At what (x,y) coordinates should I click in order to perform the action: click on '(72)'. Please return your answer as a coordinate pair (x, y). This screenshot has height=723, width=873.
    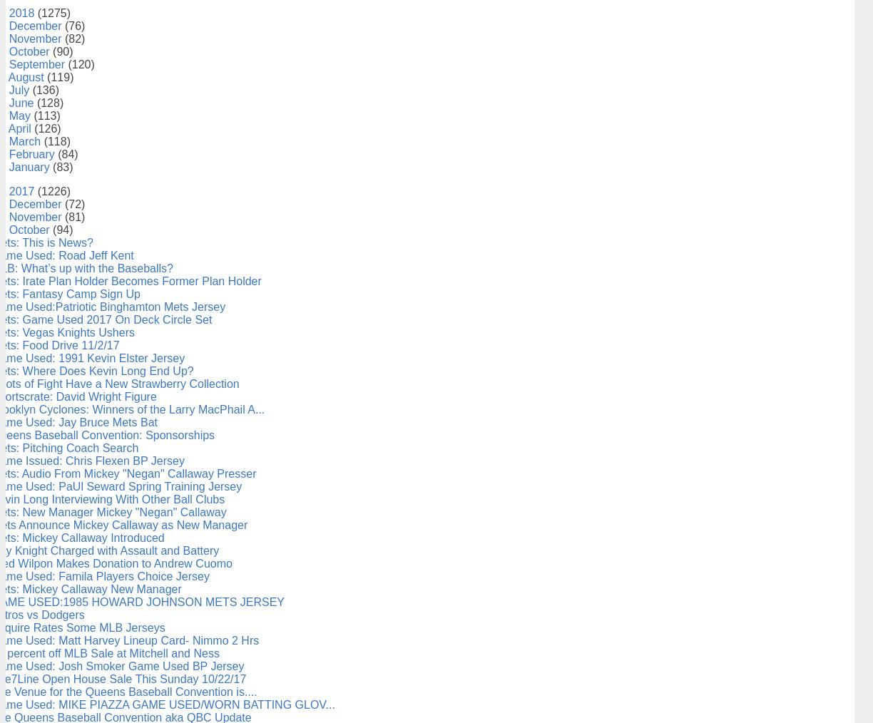
    Looking at the image, I should click on (73, 203).